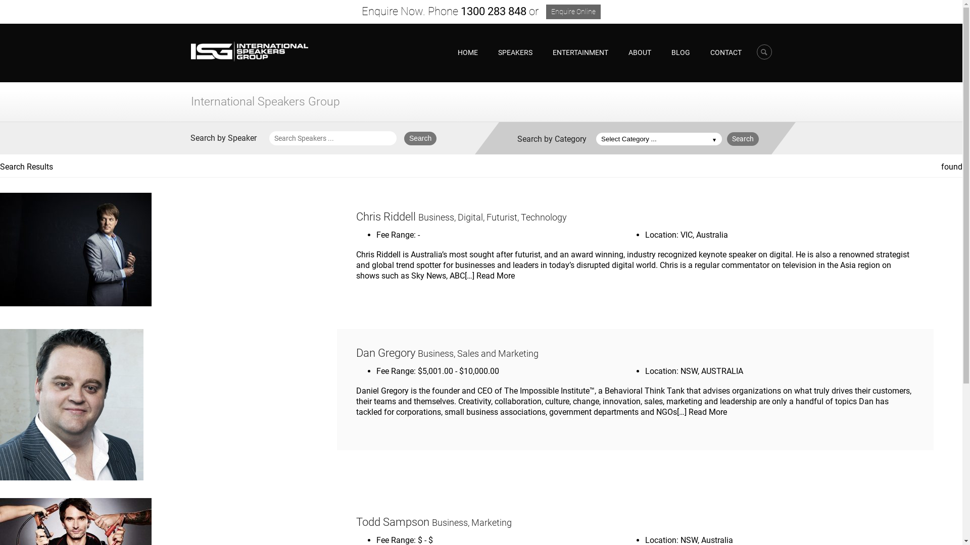 This screenshot has height=545, width=970. What do you see at coordinates (543, 217) in the screenshot?
I see `'Technology'` at bounding box center [543, 217].